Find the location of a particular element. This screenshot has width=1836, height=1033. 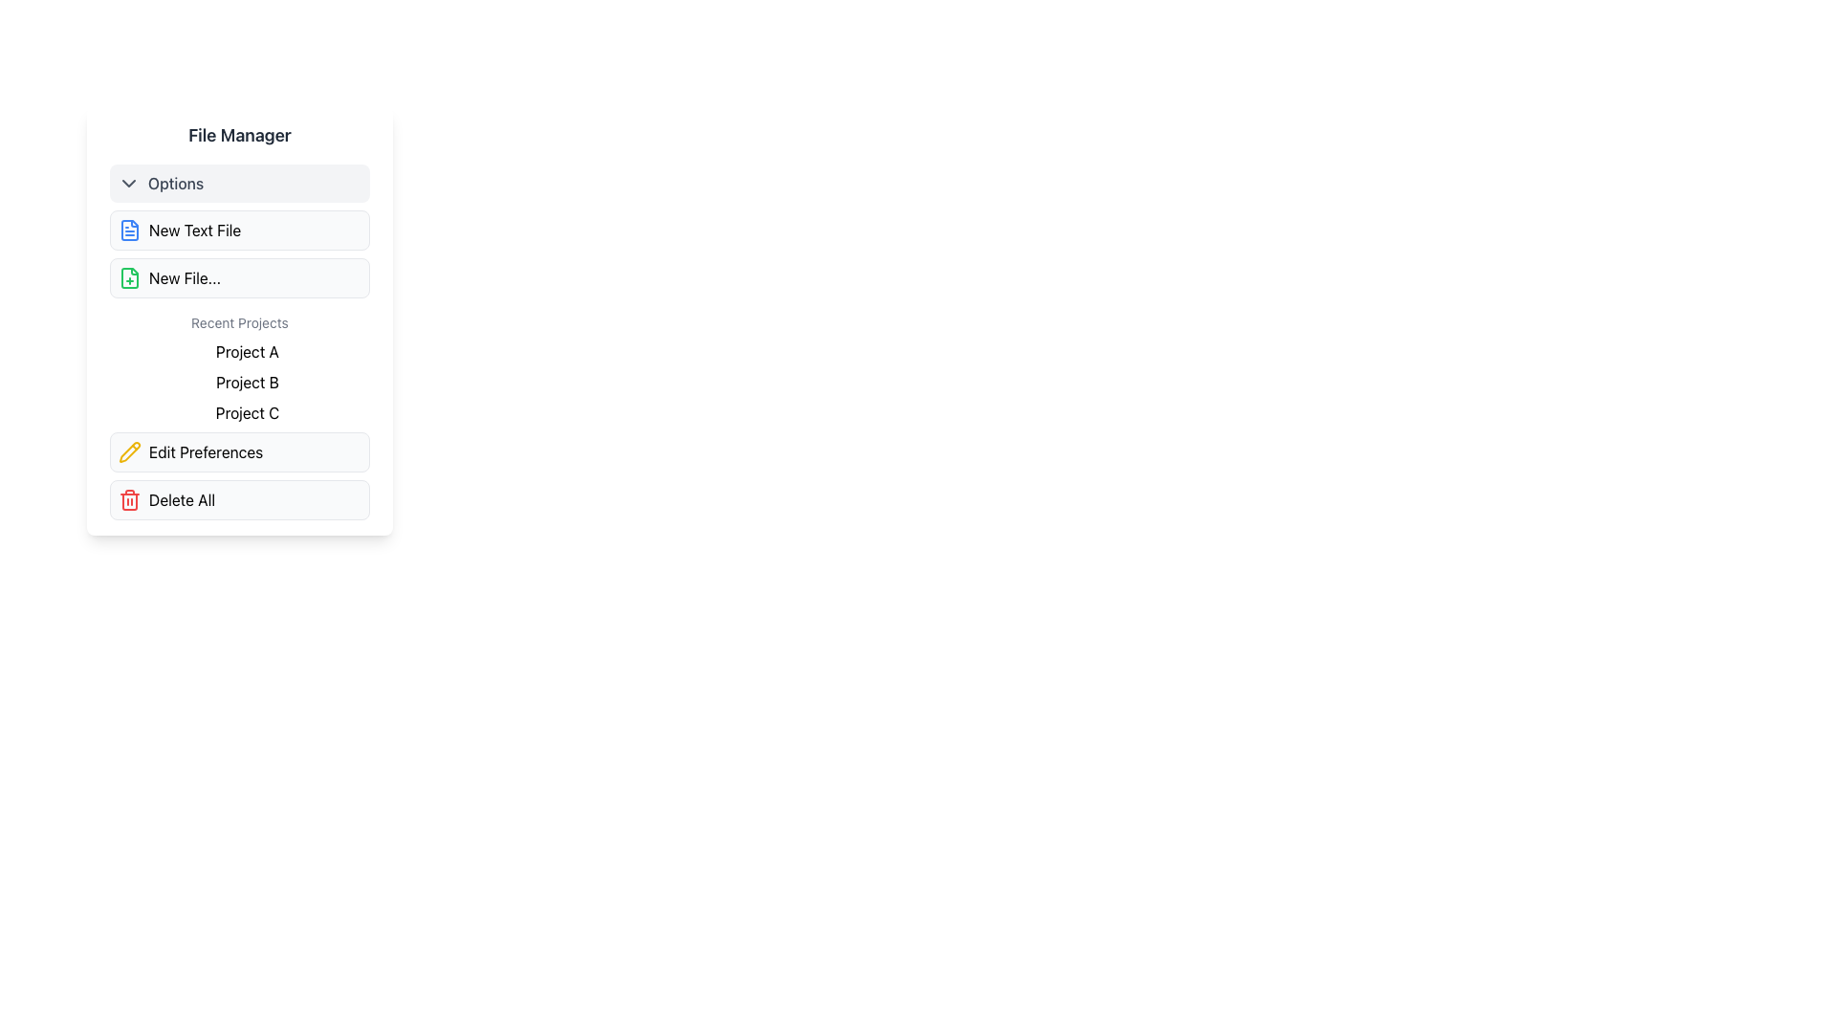

the 'Edit Preferences' button, which is a light gray rectangular button with a yellow pencil icon and black text, located in the 'File Manager' interface, positioned below 'Recent Projects' and above the 'Delete All' button is located at coordinates (238, 452).